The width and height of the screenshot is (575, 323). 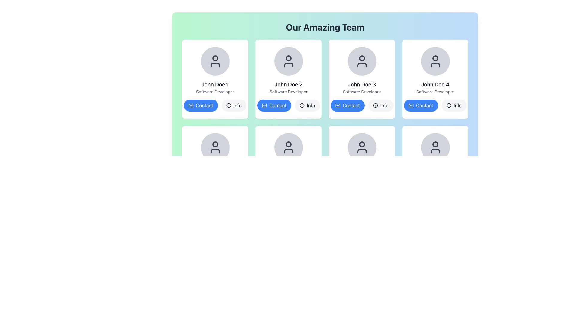 What do you see at coordinates (420, 105) in the screenshot?
I see `the blue button with rounded corners labeled 'Contact', located at the bottom right of the card for 'John Doe 4'` at bounding box center [420, 105].